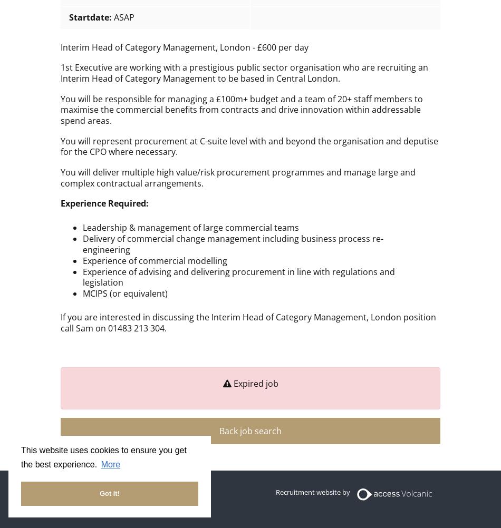 Image resolution: width=501 pixels, height=528 pixels. What do you see at coordinates (232, 243) in the screenshot?
I see `'Delivery of commercial change management including business process re-engineering'` at bounding box center [232, 243].